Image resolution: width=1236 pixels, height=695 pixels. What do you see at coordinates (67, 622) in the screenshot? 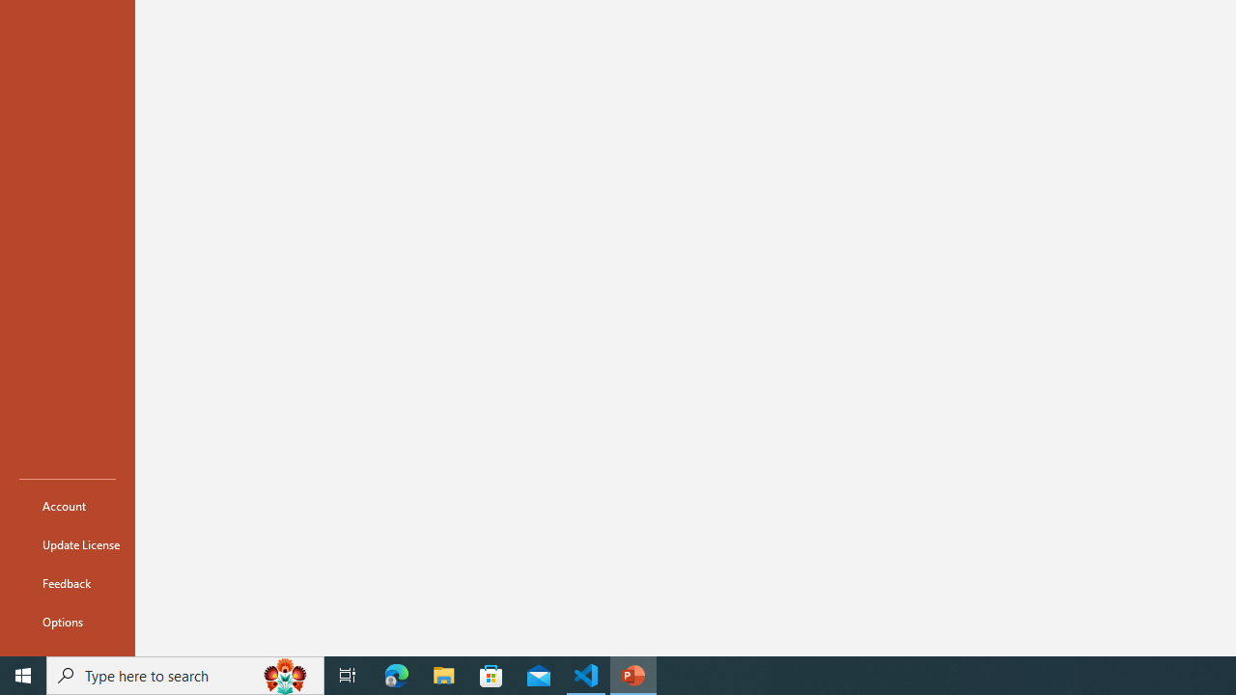
I see `'Options'` at bounding box center [67, 622].